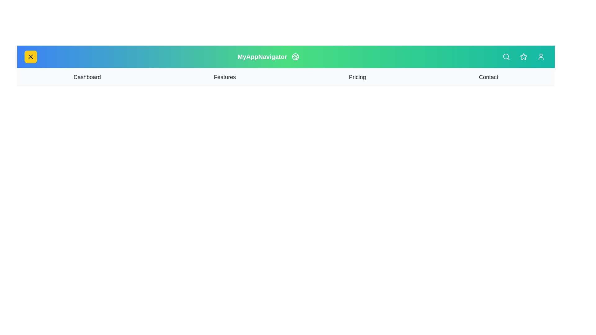  I want to click on the star button to interact with it, so click(523, 56).